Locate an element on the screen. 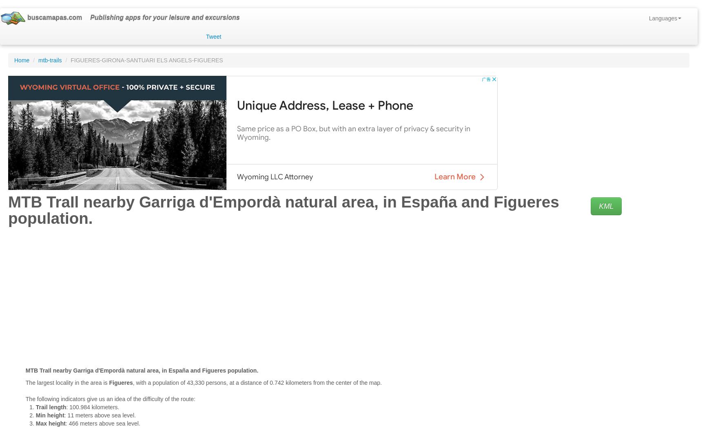  'Figueres' is located at coordinates (120, 382).